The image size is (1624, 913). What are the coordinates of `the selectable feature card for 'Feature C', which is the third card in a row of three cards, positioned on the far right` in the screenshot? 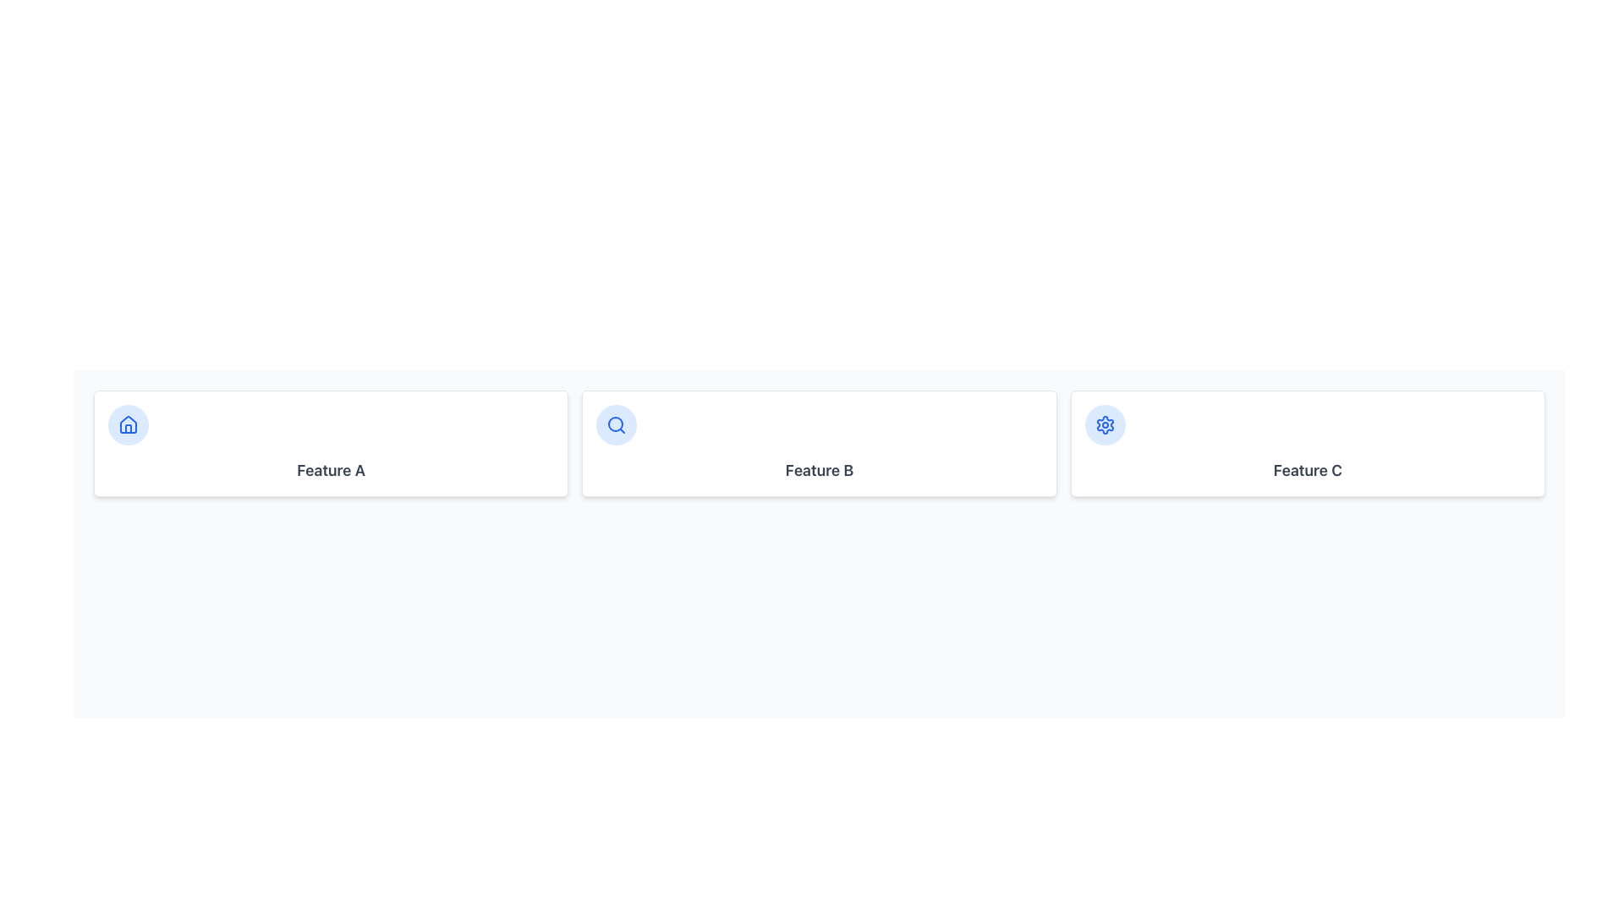 It's located at (1307, 442).